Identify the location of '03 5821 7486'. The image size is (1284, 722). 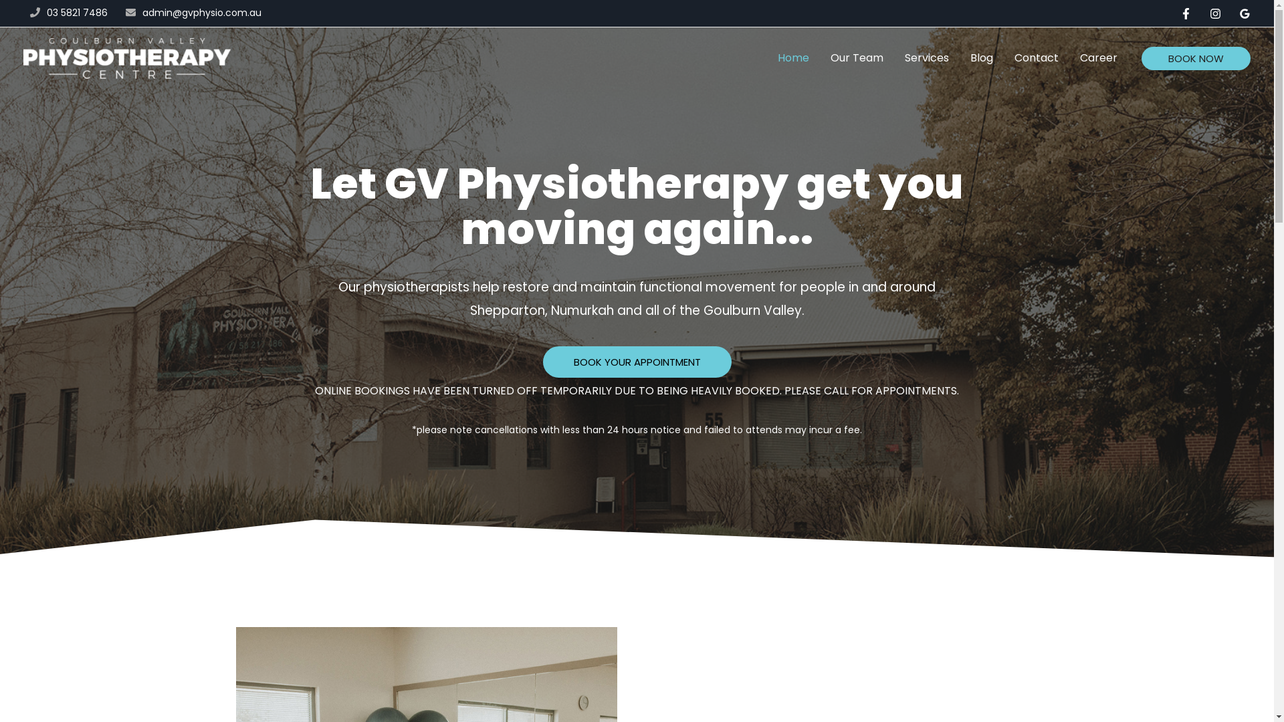
(76, 13).